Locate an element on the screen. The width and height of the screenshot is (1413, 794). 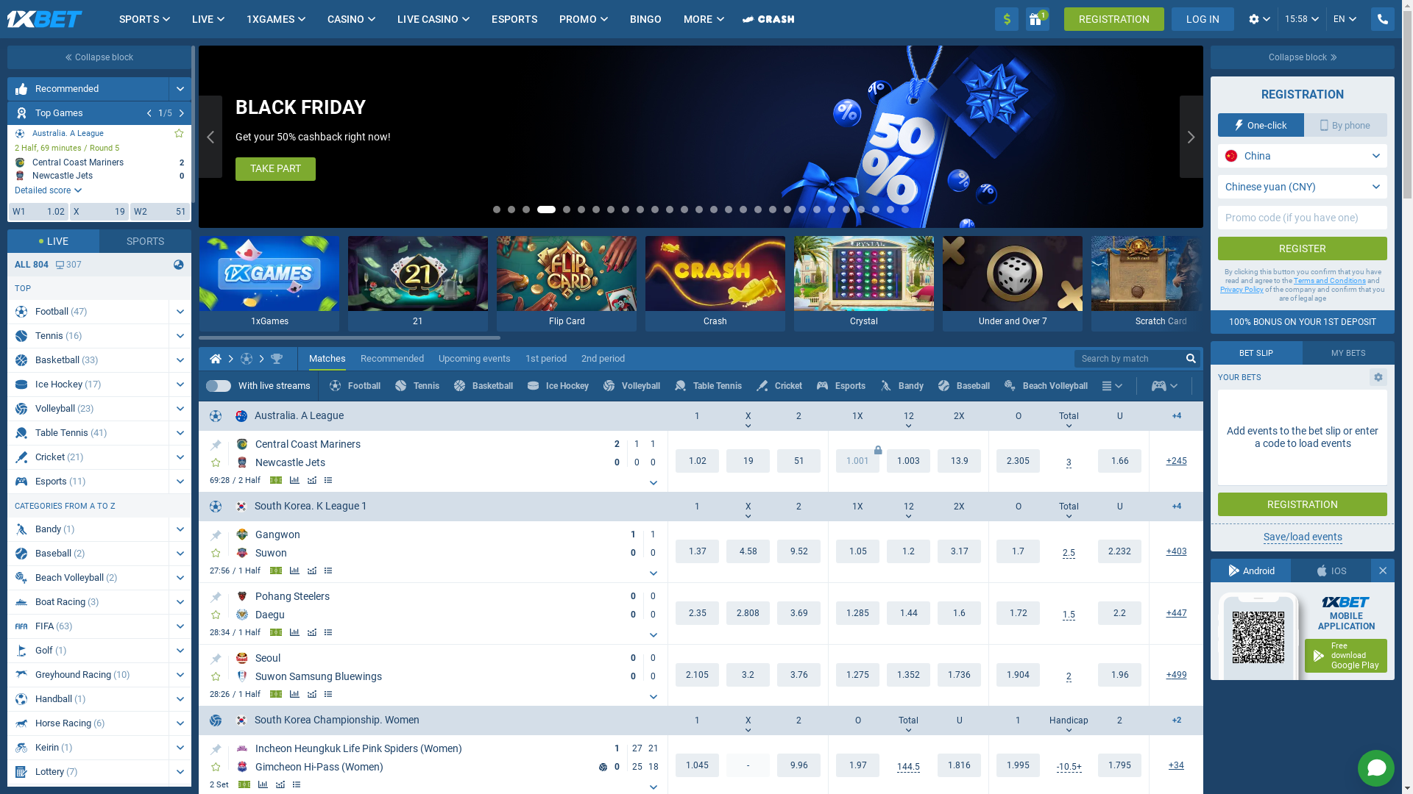
'4.58' is located at coordinates (748, 551).